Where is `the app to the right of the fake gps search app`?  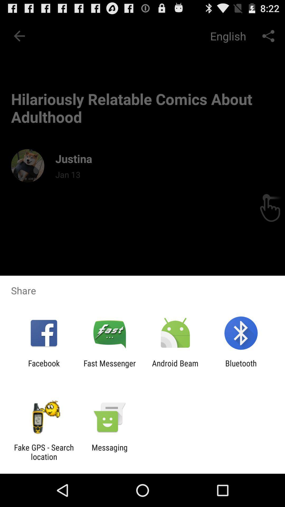 the app to the right of the fake gps search app is located at coordinates (109, 452).